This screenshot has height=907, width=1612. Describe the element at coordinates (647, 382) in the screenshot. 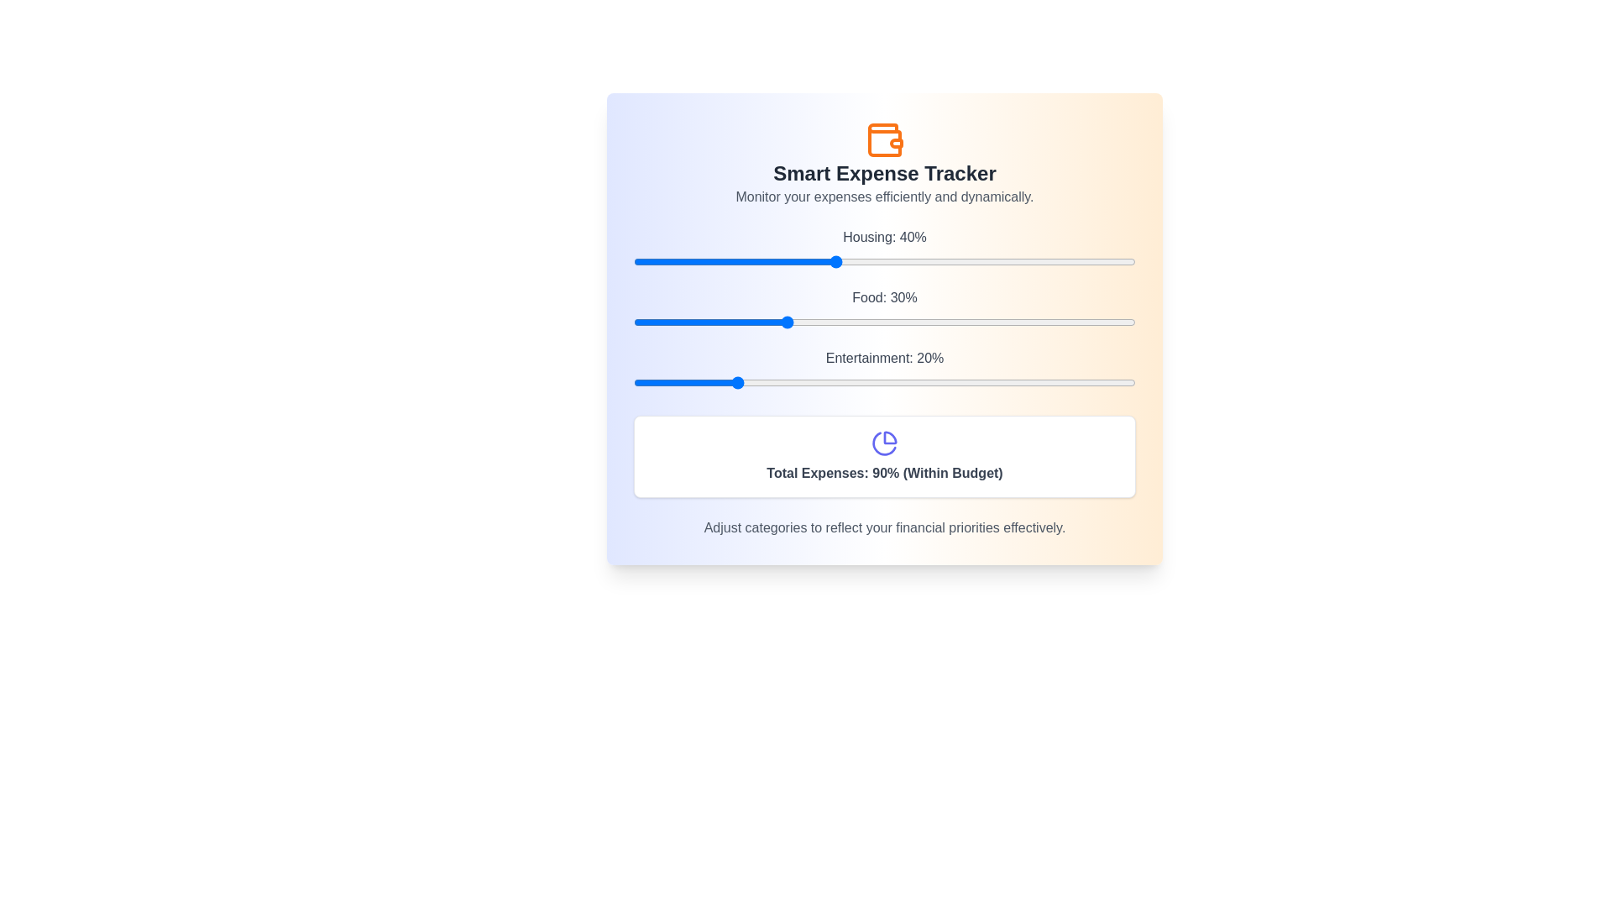

I see `the Entertainment slider to 3%` at that location.